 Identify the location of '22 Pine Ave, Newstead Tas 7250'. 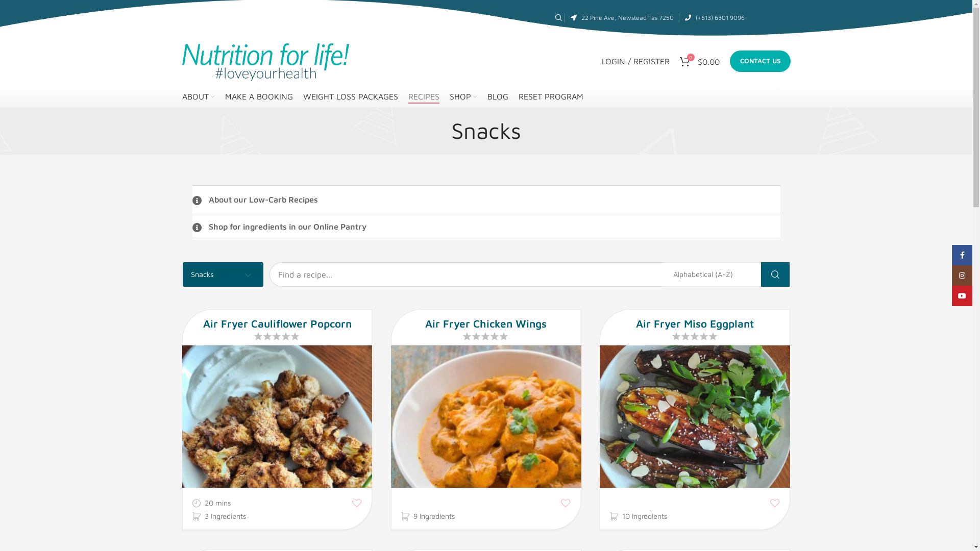
(626, 17).